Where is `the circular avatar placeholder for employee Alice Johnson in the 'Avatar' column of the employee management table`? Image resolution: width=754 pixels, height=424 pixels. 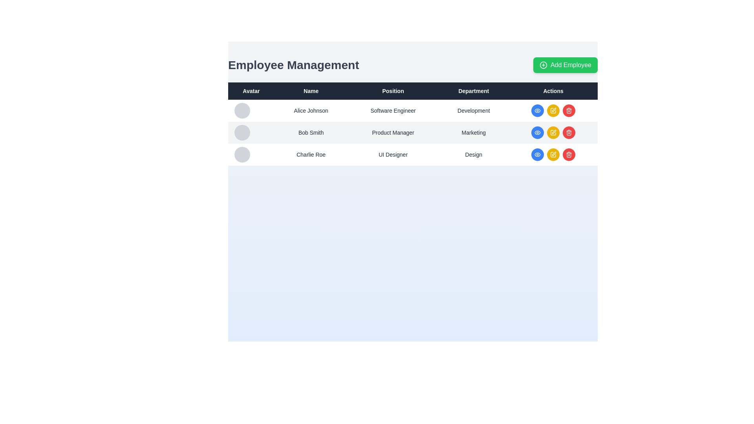 the circular avatar placeholder for employee Alice Johnson in the 'Avatar' column of the employee management table is located at coordinates (242, 110).